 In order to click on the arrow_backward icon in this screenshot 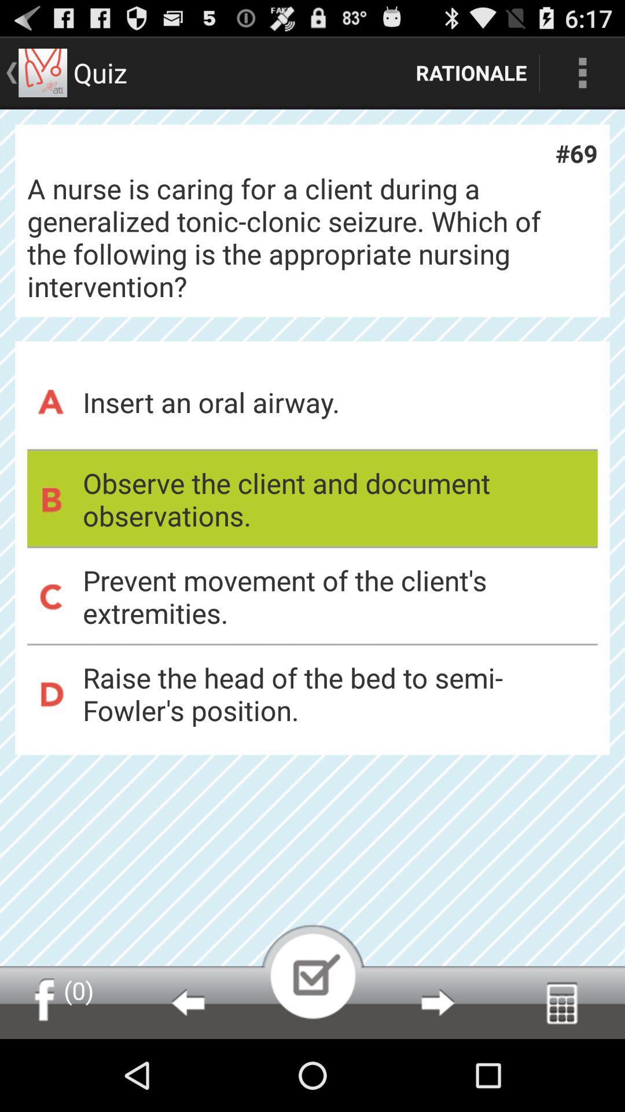, I will do `click(187, 1072)`.